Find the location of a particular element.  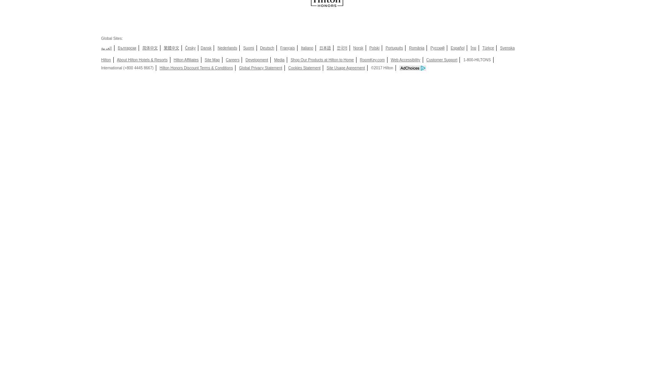

'Türkçe' is located at coordinates (488, 48).